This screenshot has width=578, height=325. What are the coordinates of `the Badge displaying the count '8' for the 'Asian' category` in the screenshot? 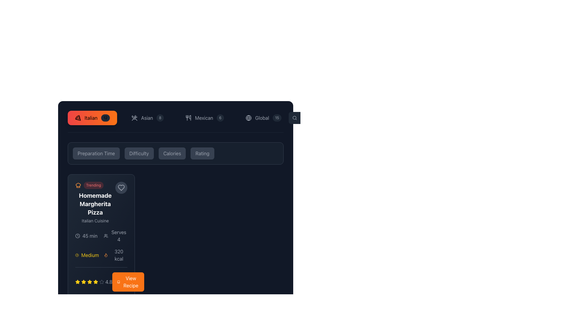 It's located at (160, 118).